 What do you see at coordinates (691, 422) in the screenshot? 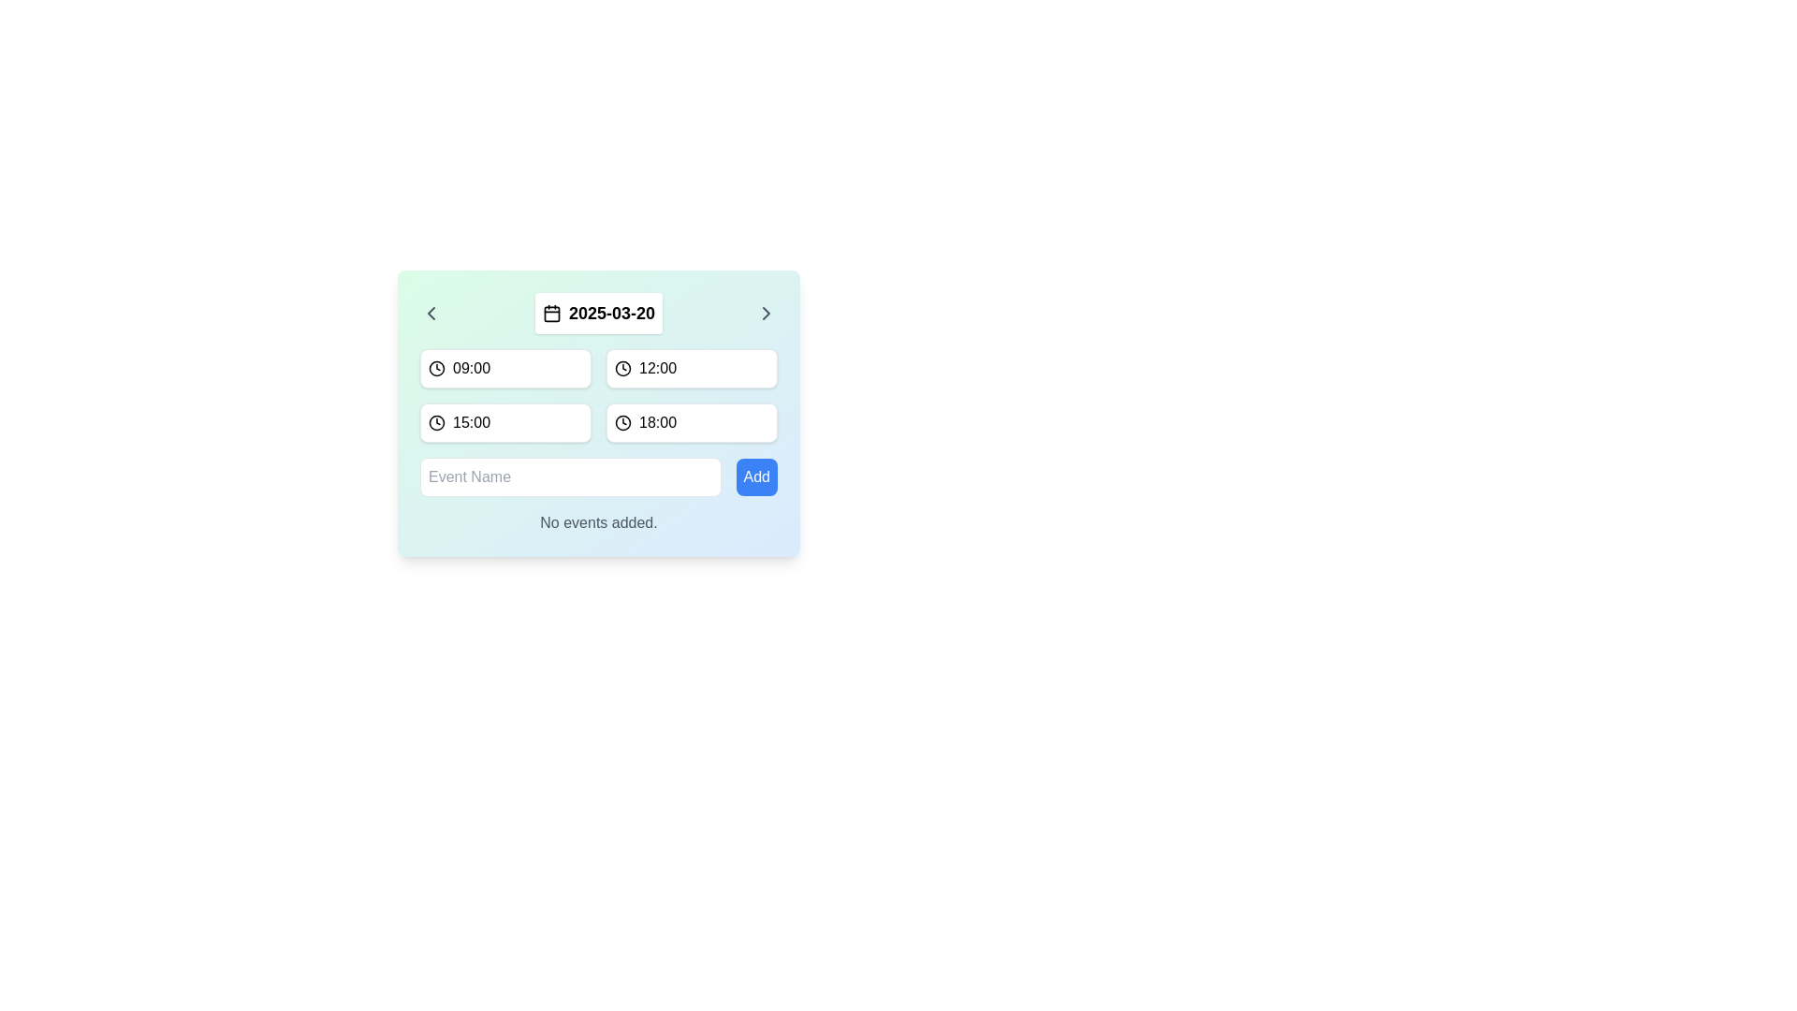
I see `the button for selecting the time 18:00` at bounding box center [691, 422].